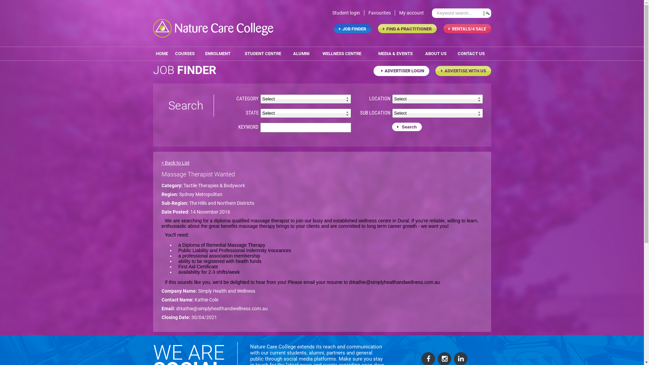  What do you see at coordinates (175, 163) in the screenshot?
I see `'< Back to List'` at bounding box center [175, 163].